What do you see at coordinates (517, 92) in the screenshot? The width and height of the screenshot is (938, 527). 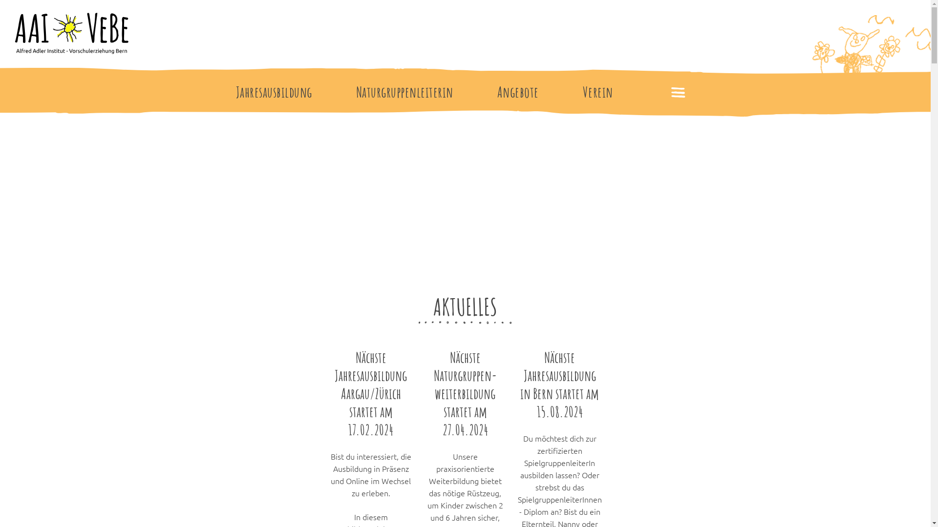 I see `'Angebote'` at bounding box center [517, 92].